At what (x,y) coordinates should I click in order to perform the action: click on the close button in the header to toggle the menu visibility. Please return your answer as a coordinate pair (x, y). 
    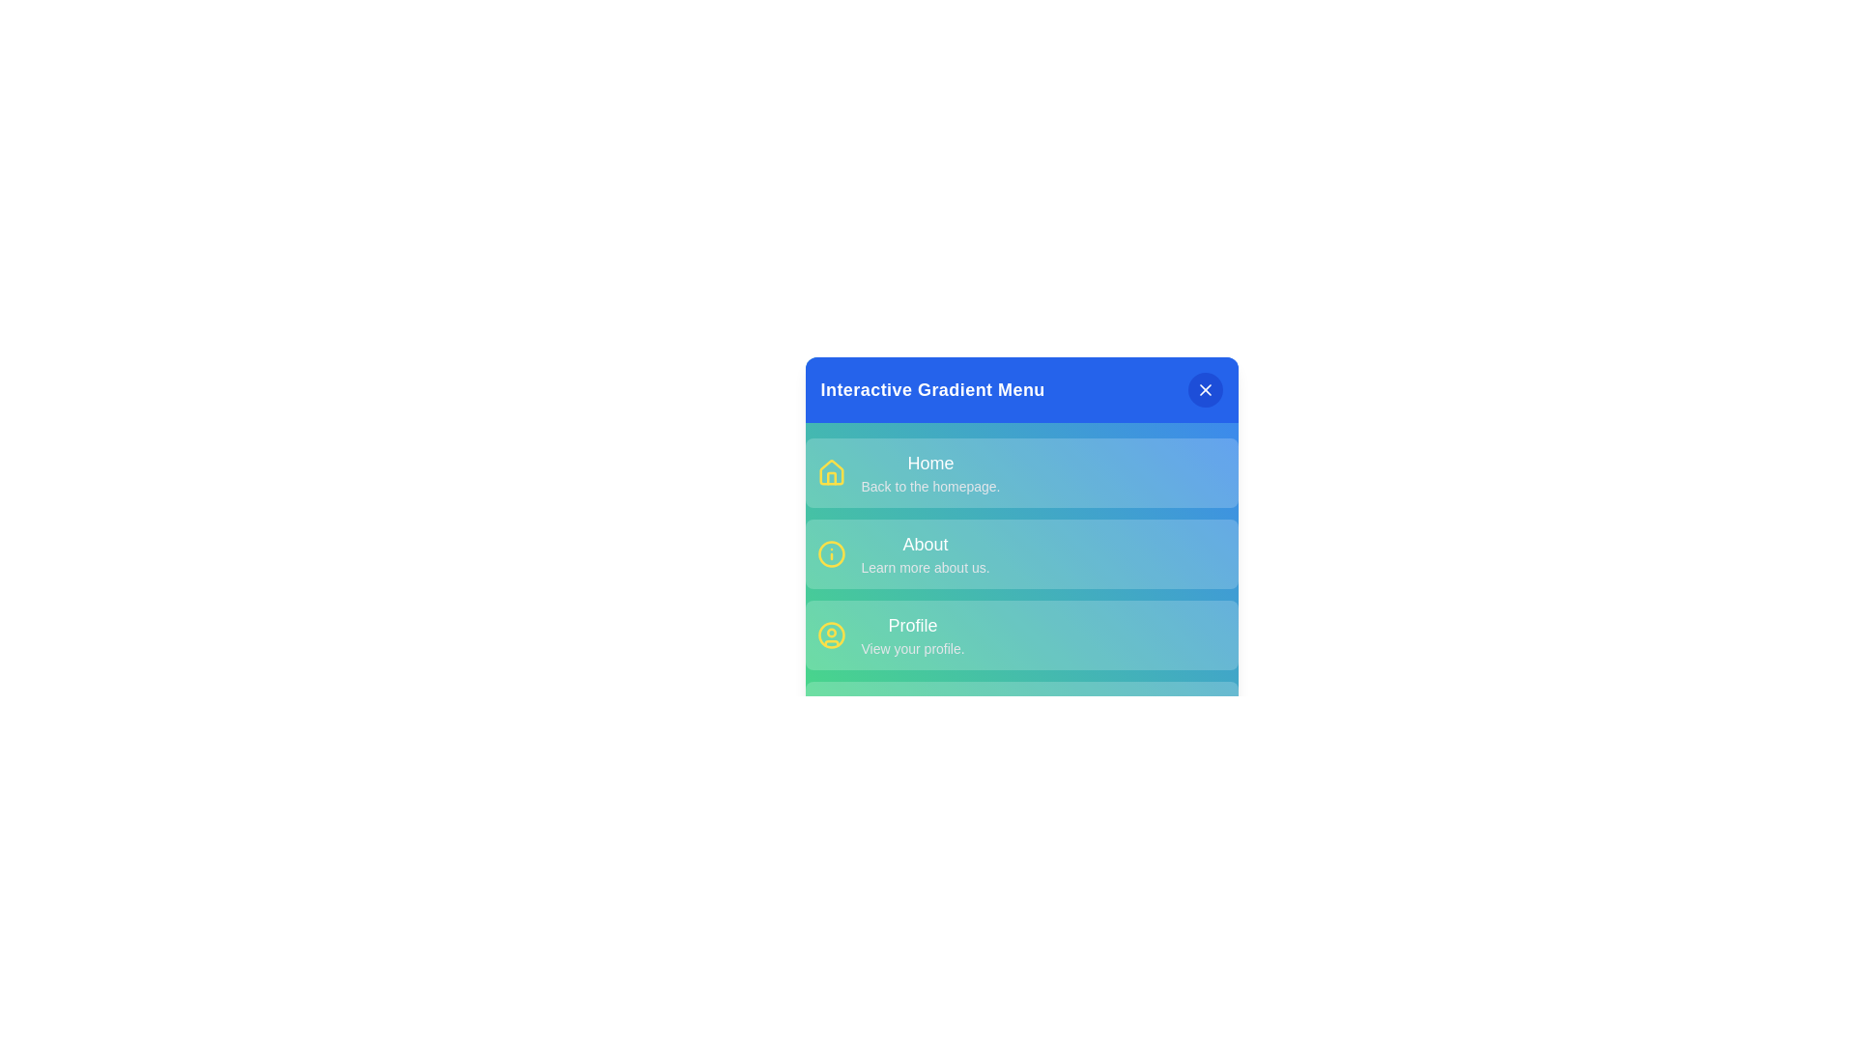
    Looking at the image, I should click on (1204, 390).